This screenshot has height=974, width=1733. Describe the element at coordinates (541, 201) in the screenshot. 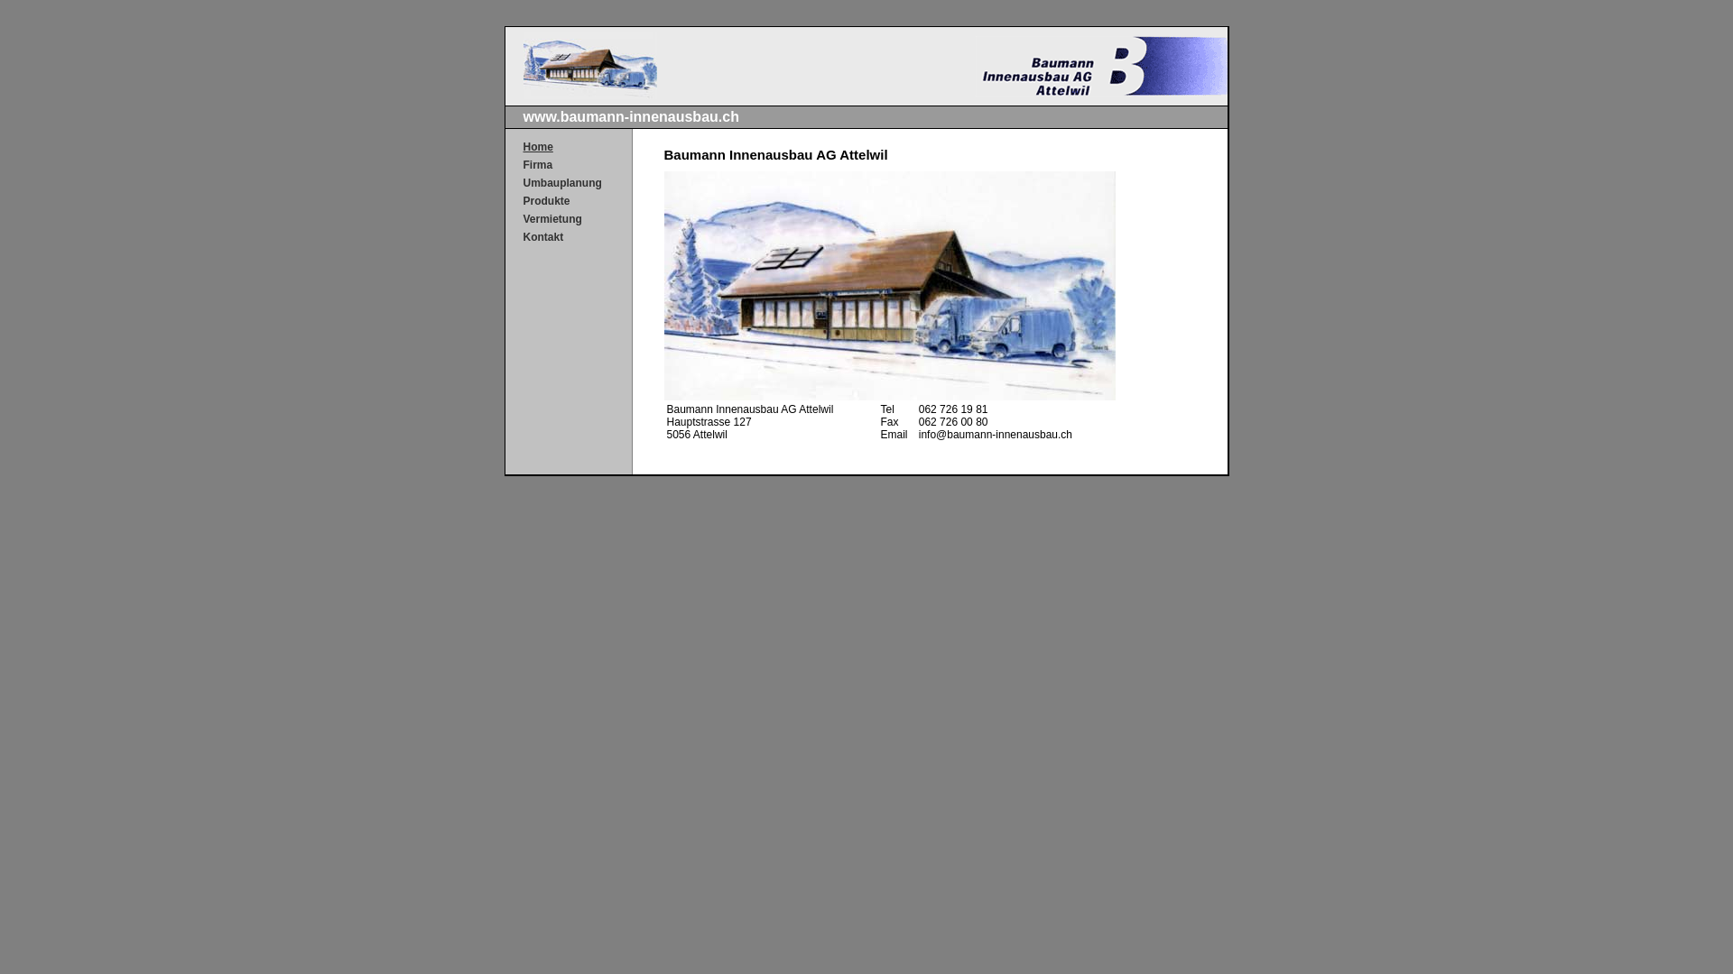

I see `'Produkte'` at that location.